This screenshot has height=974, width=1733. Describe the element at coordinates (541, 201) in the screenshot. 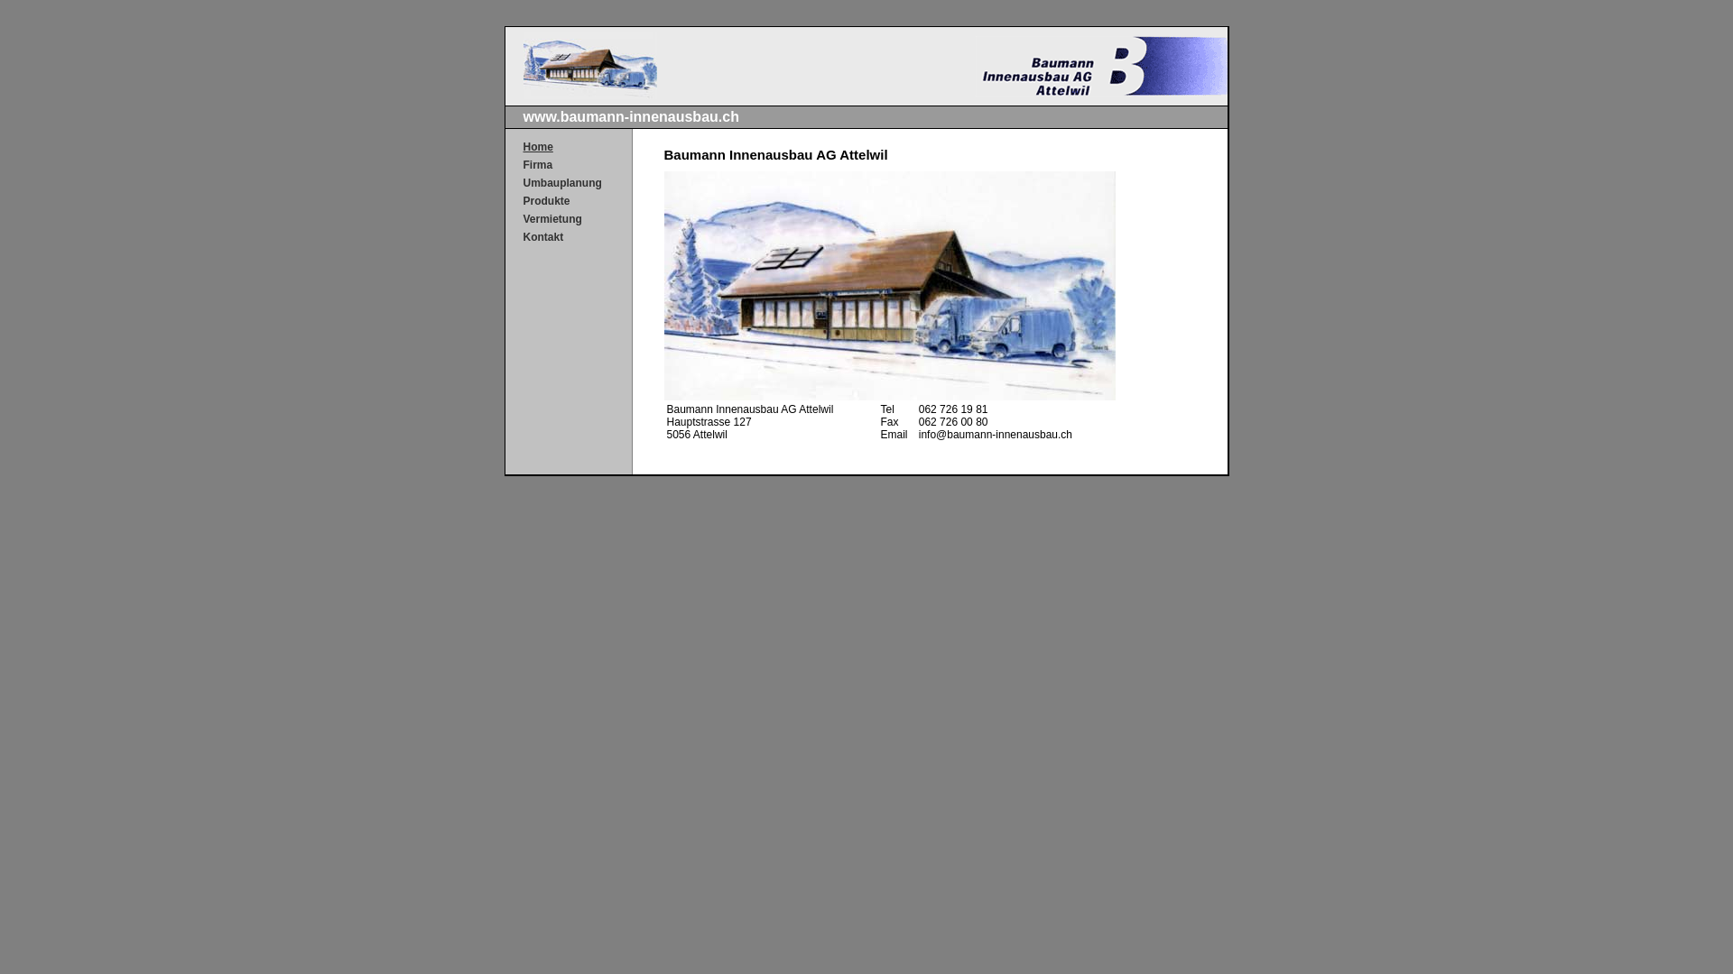

I see `'Produkte'` at that location.